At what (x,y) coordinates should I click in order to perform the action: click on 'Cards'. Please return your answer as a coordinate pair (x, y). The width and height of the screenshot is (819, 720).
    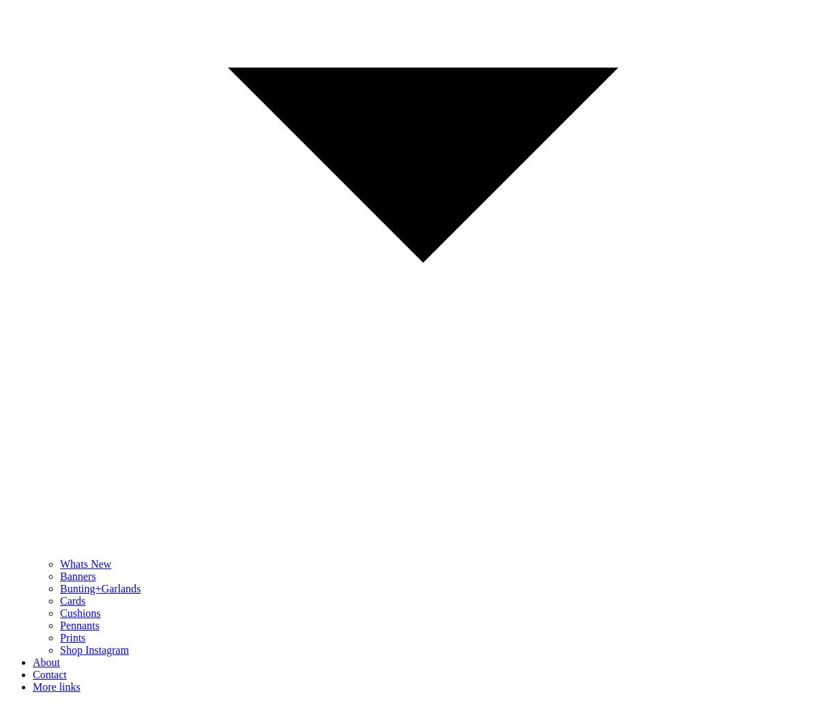
    Looking at the image, I should click on (72, 600).